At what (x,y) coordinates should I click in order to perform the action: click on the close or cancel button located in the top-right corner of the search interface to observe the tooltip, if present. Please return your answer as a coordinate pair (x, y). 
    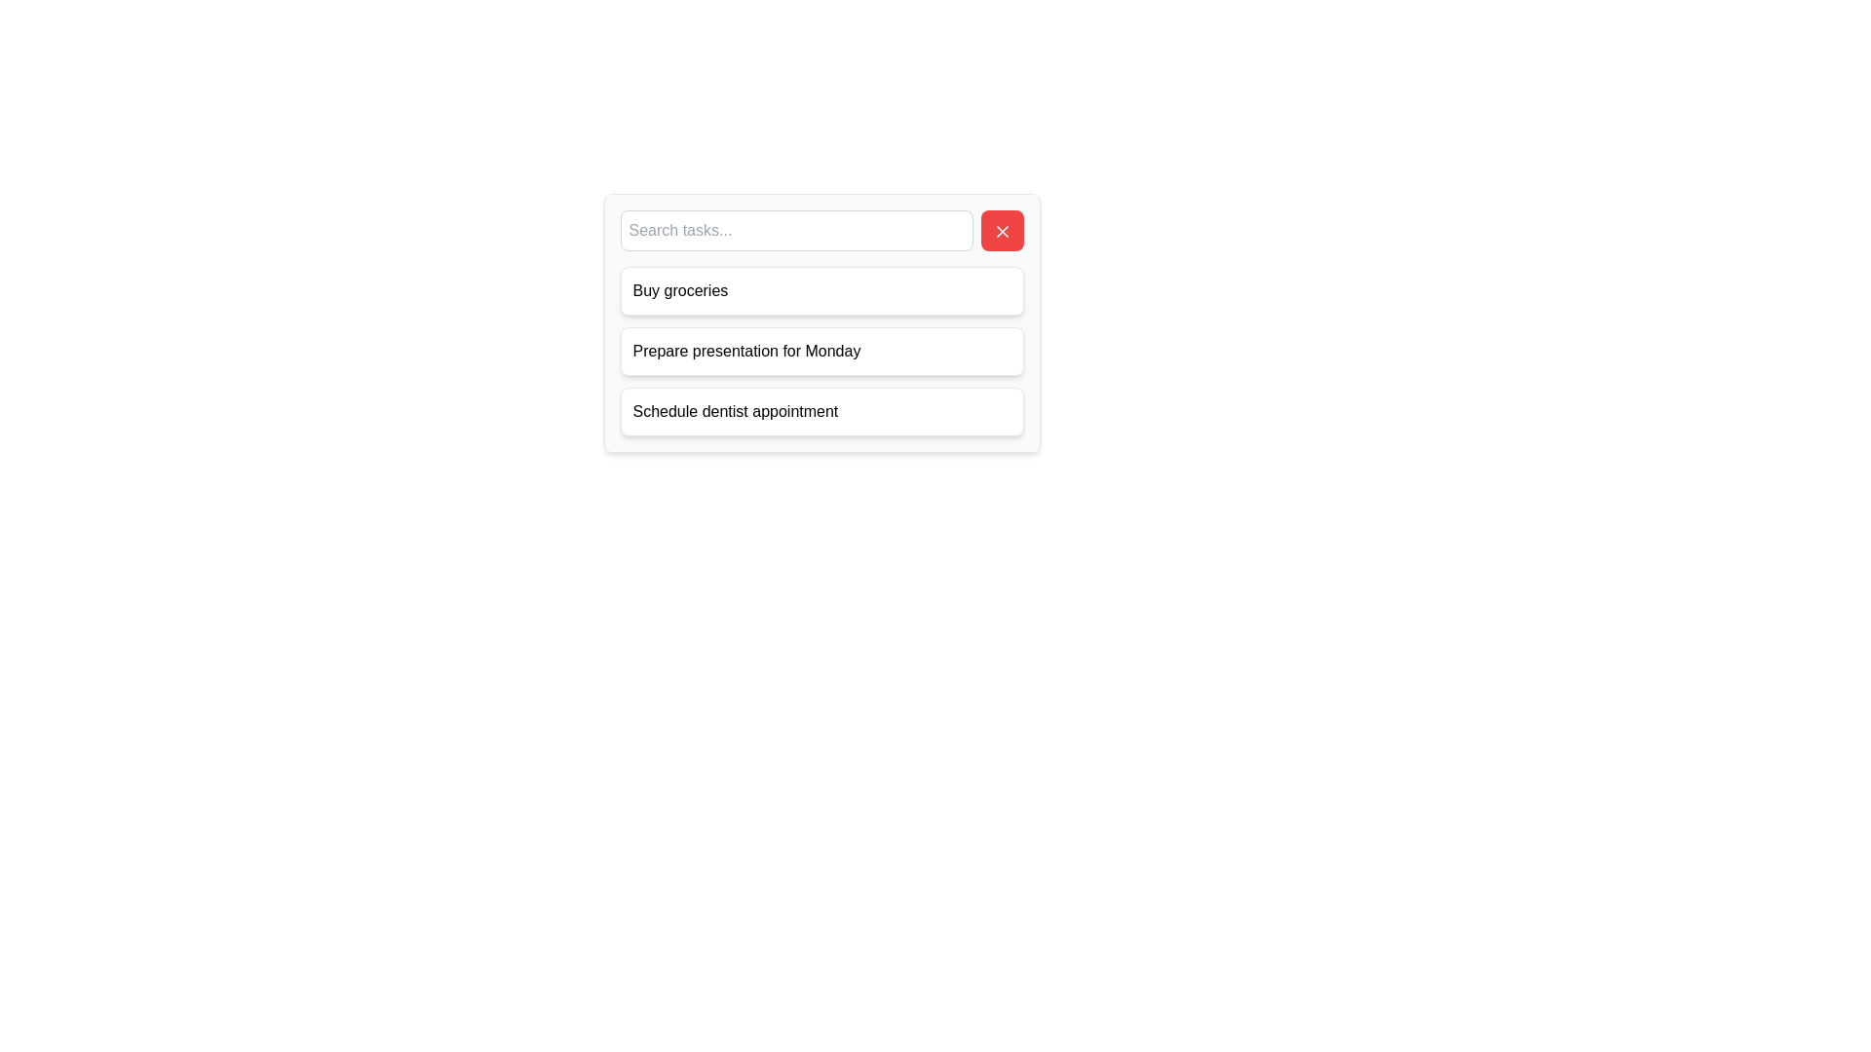
    Looking at the image, I should click on (1002, 230).